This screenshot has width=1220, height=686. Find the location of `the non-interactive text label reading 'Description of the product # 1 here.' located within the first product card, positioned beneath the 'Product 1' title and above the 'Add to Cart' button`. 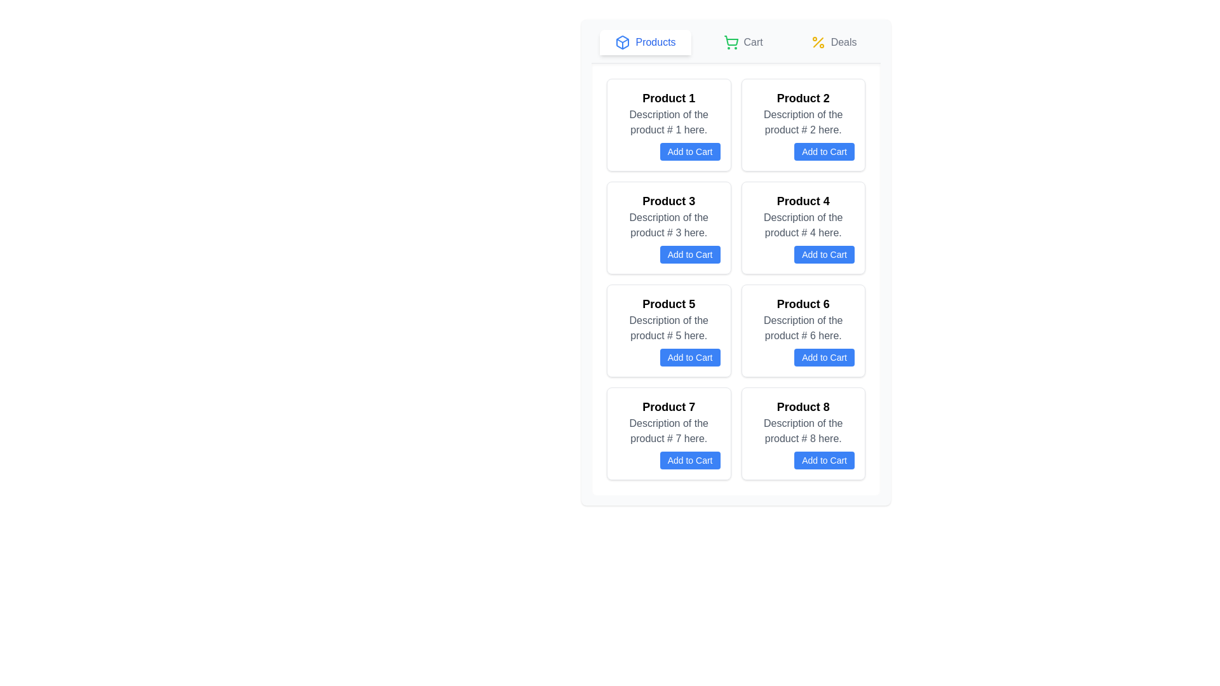

the non-interactive text label reading 'Description of the product # 1 here.' located within the first product card, positioned beneath the 'Product 1' title and above the 'Add to Cart' button is located at coordinates (668, 122).